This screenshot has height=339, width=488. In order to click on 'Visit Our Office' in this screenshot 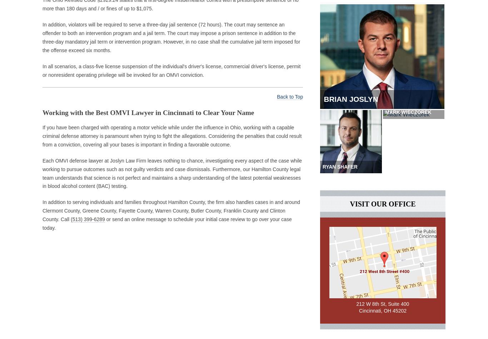, I will do `click(382, 207)`.